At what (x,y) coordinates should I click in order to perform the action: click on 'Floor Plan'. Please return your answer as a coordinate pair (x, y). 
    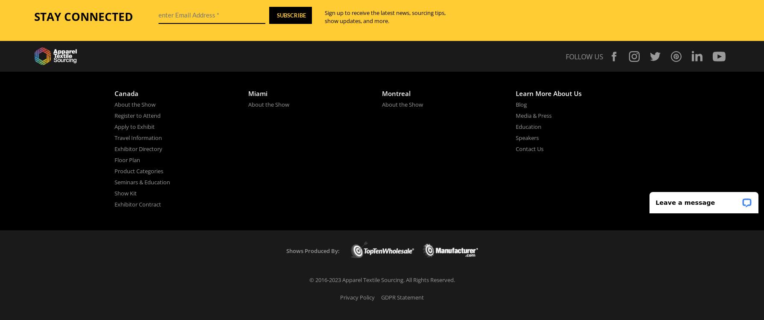
    Looking at the image, I should click on (127, 159).